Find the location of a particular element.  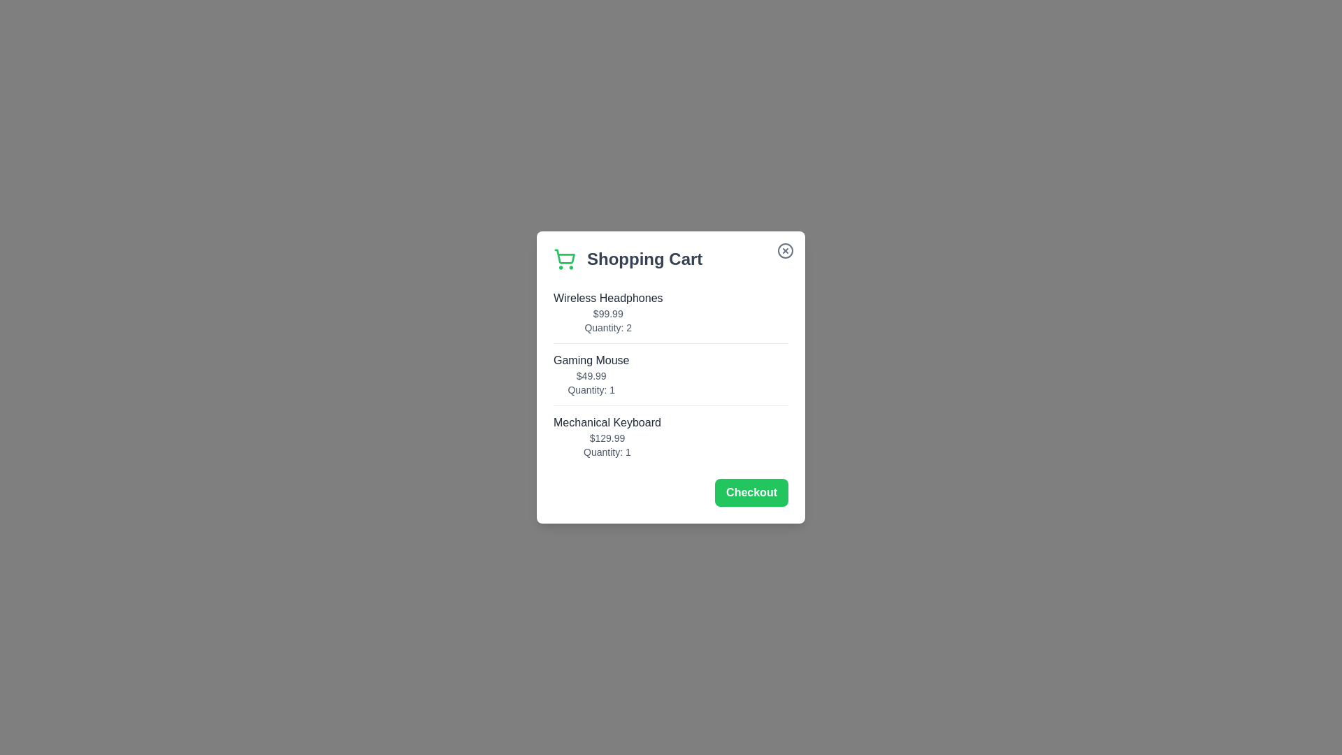

the background overlay to close the dialog is located at coordinates (671, 377).